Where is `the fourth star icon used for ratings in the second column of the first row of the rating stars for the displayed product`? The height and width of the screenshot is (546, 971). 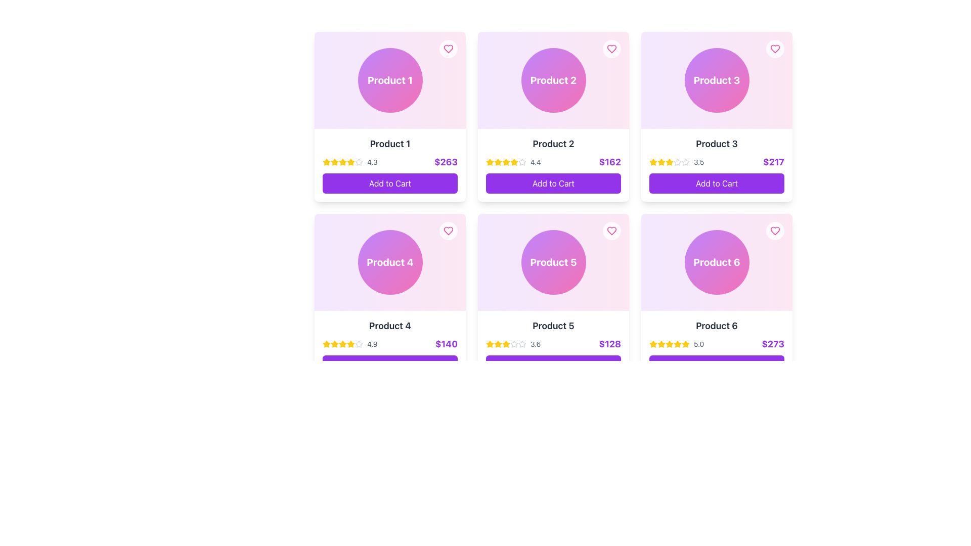
the fourth star icon used for ratings in the second column of the first row of the rating stars for the displayed product is located at coordinates (342, 343).